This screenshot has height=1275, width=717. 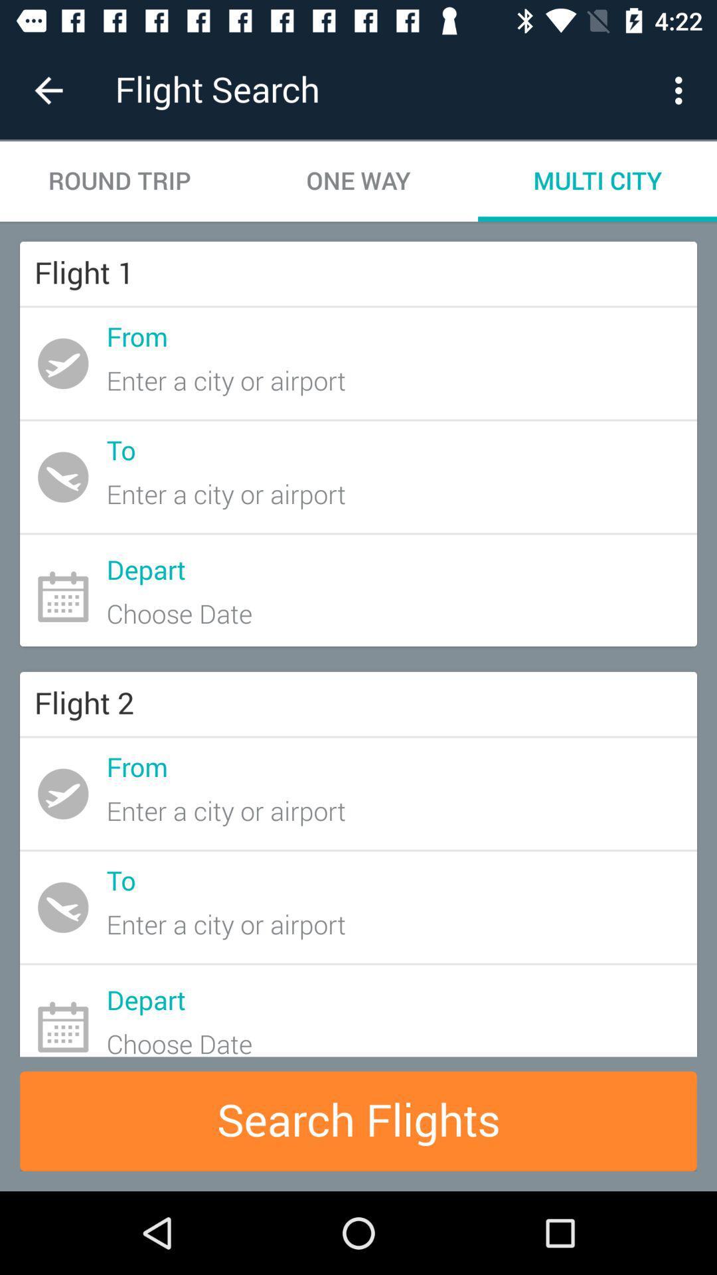 What do you see at coordinates (63, 596) in the screenshot?
I see `the calendar icon on the web page` at bounding box center [63, 596].